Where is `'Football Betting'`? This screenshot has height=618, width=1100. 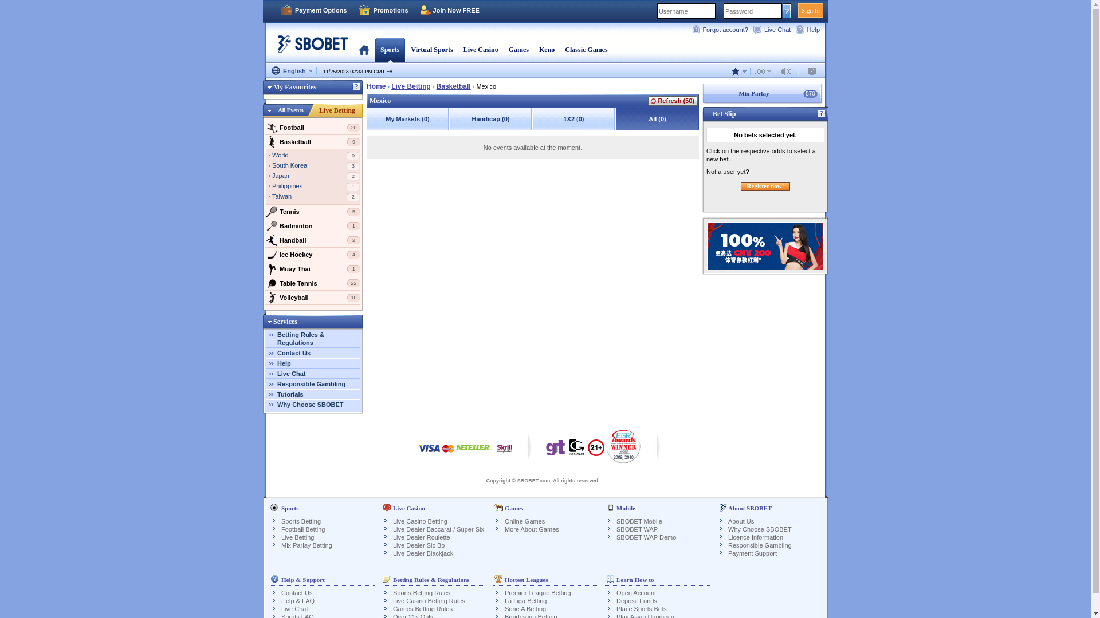
'Football Betting' is located at coordinates (302, 529).